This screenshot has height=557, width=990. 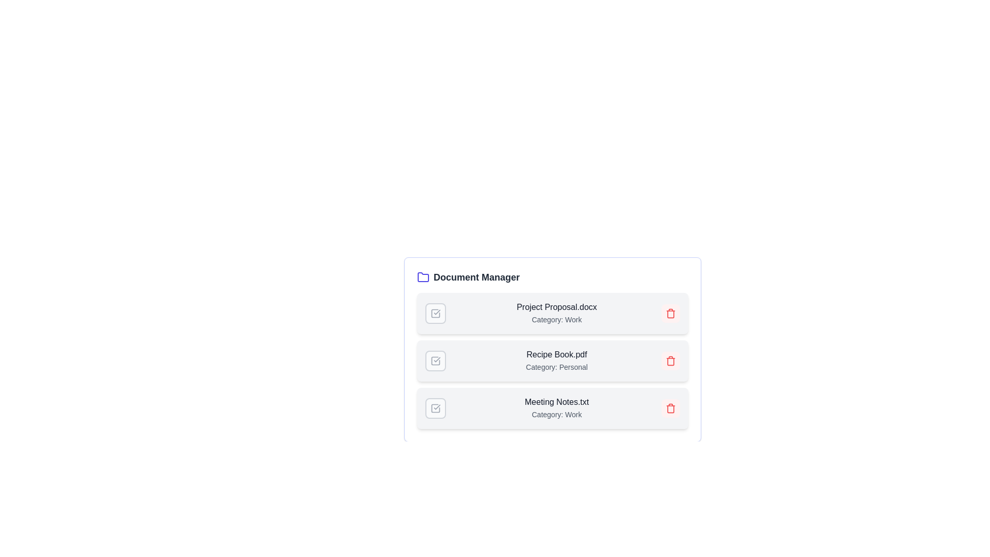 What do you see at coordinates (556, 313) in the screenshot?
I see `the text label displaying the file name 'Project Proposal.docx' under the 'Work' category in the Document Manager section` at bounding box center [556, 313].